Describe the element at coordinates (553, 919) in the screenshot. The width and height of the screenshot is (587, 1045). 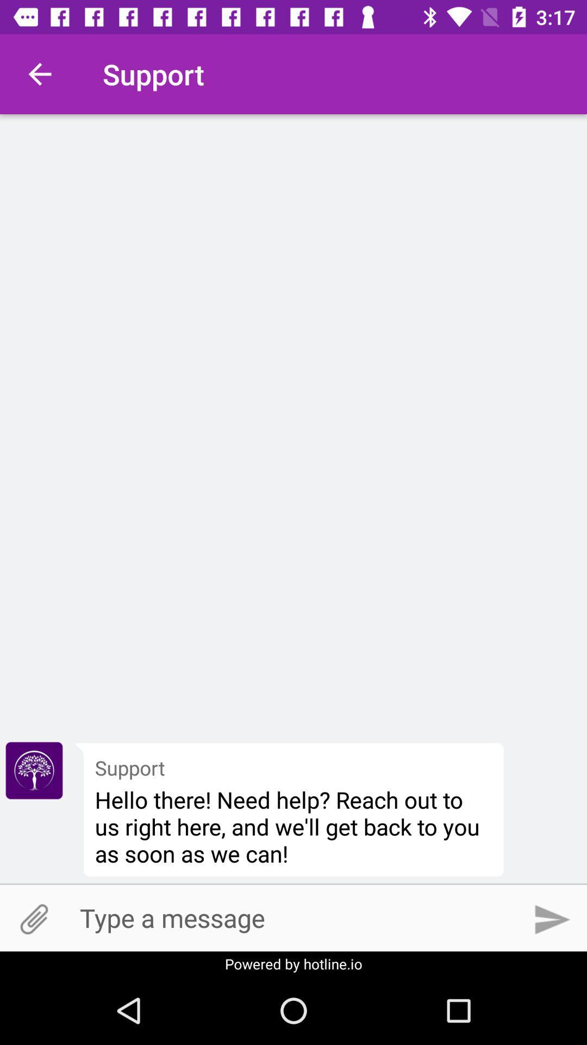
I see `the send icon` at that location.